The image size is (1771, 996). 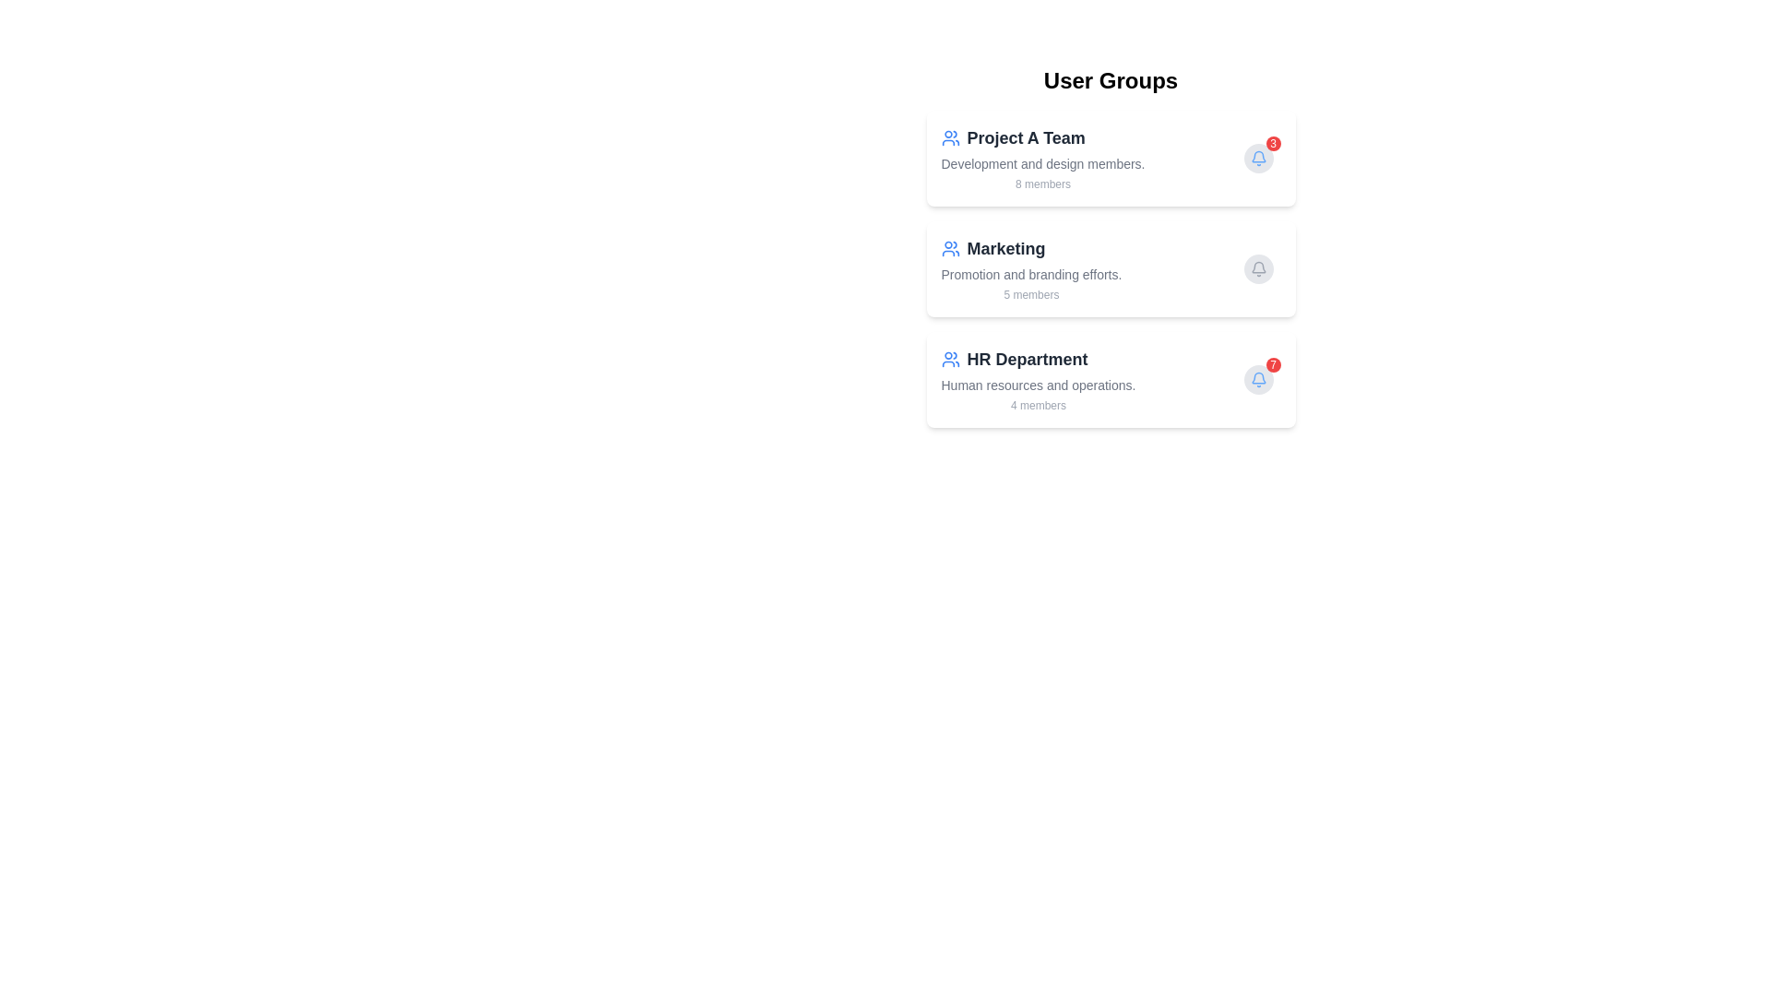 I want to click on the header of the group HR Department, so click(x=1038, y=359).